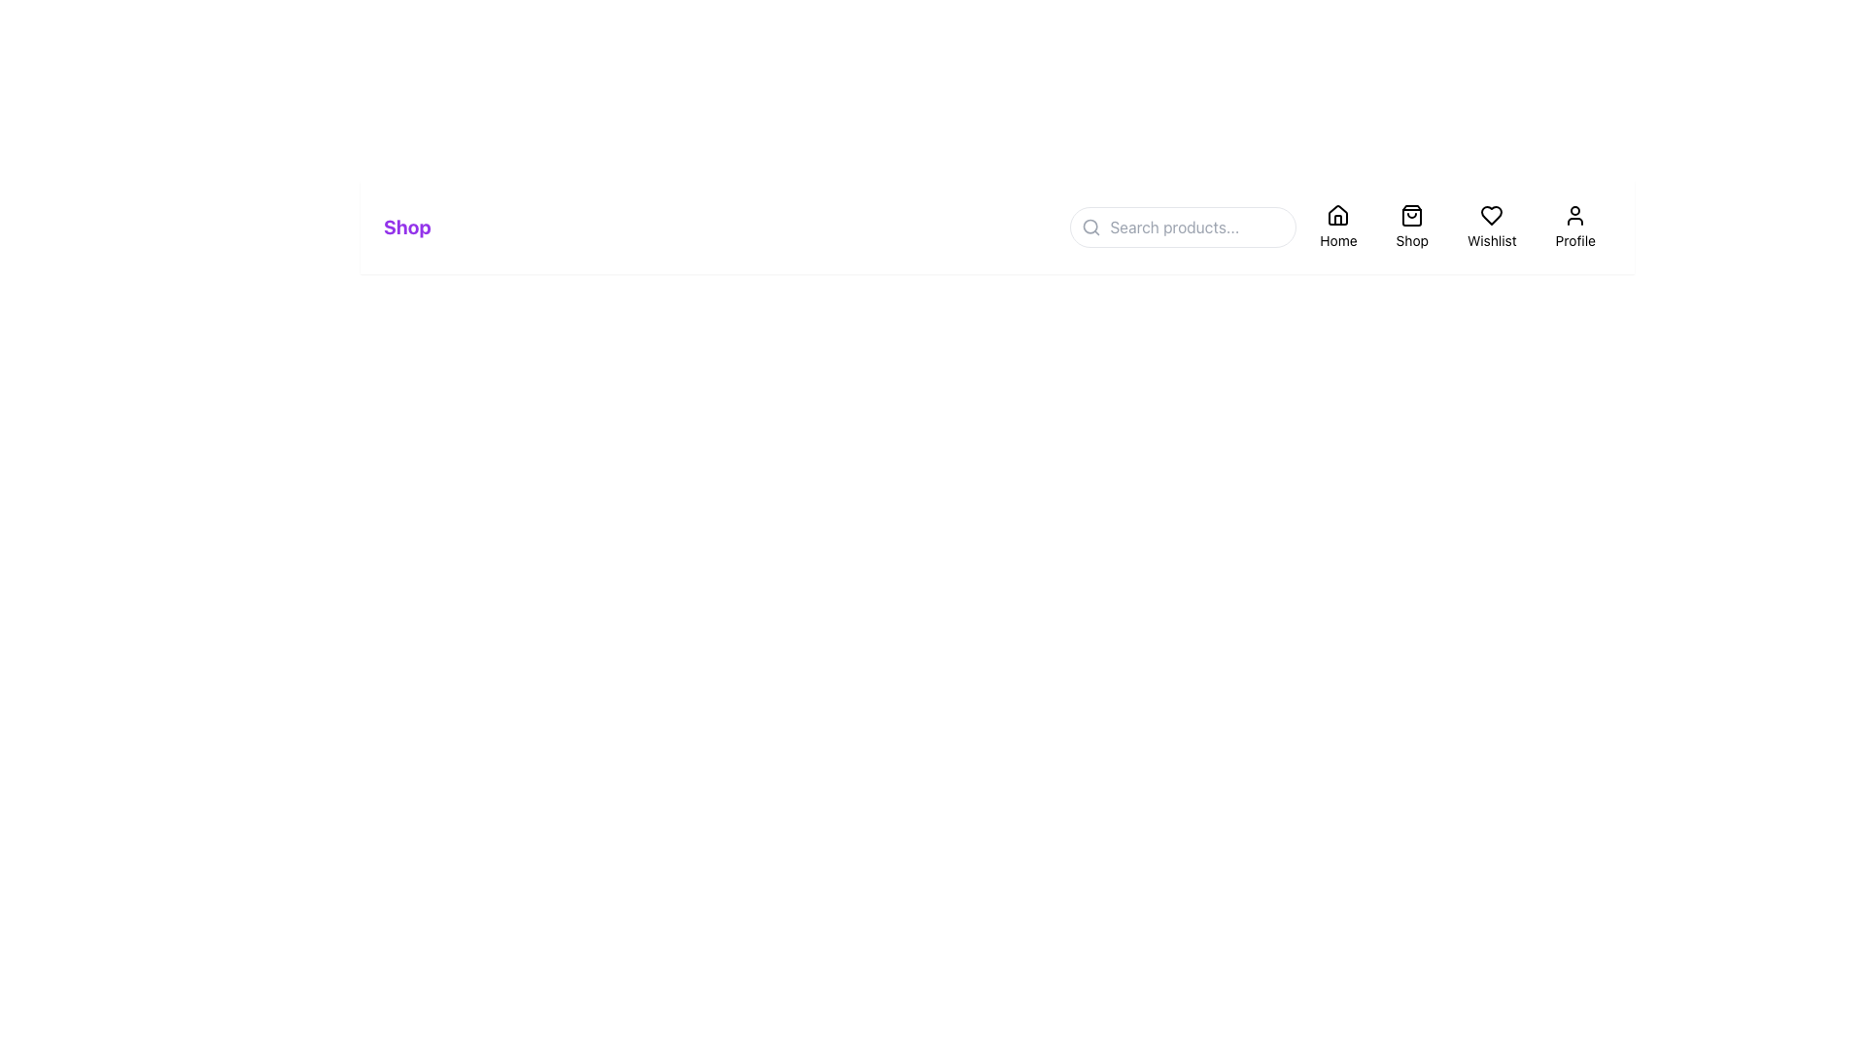 The height and width of the screenshot is (1050, 1866). What do you see at coordinates (1575, 227) in the screenshot?
I see `the 'Profile' button, which is a compact button with an icon of a person and a label reading 'Profile', located in the top-right section of the navigation bar` at bounding box center [1575, 227].